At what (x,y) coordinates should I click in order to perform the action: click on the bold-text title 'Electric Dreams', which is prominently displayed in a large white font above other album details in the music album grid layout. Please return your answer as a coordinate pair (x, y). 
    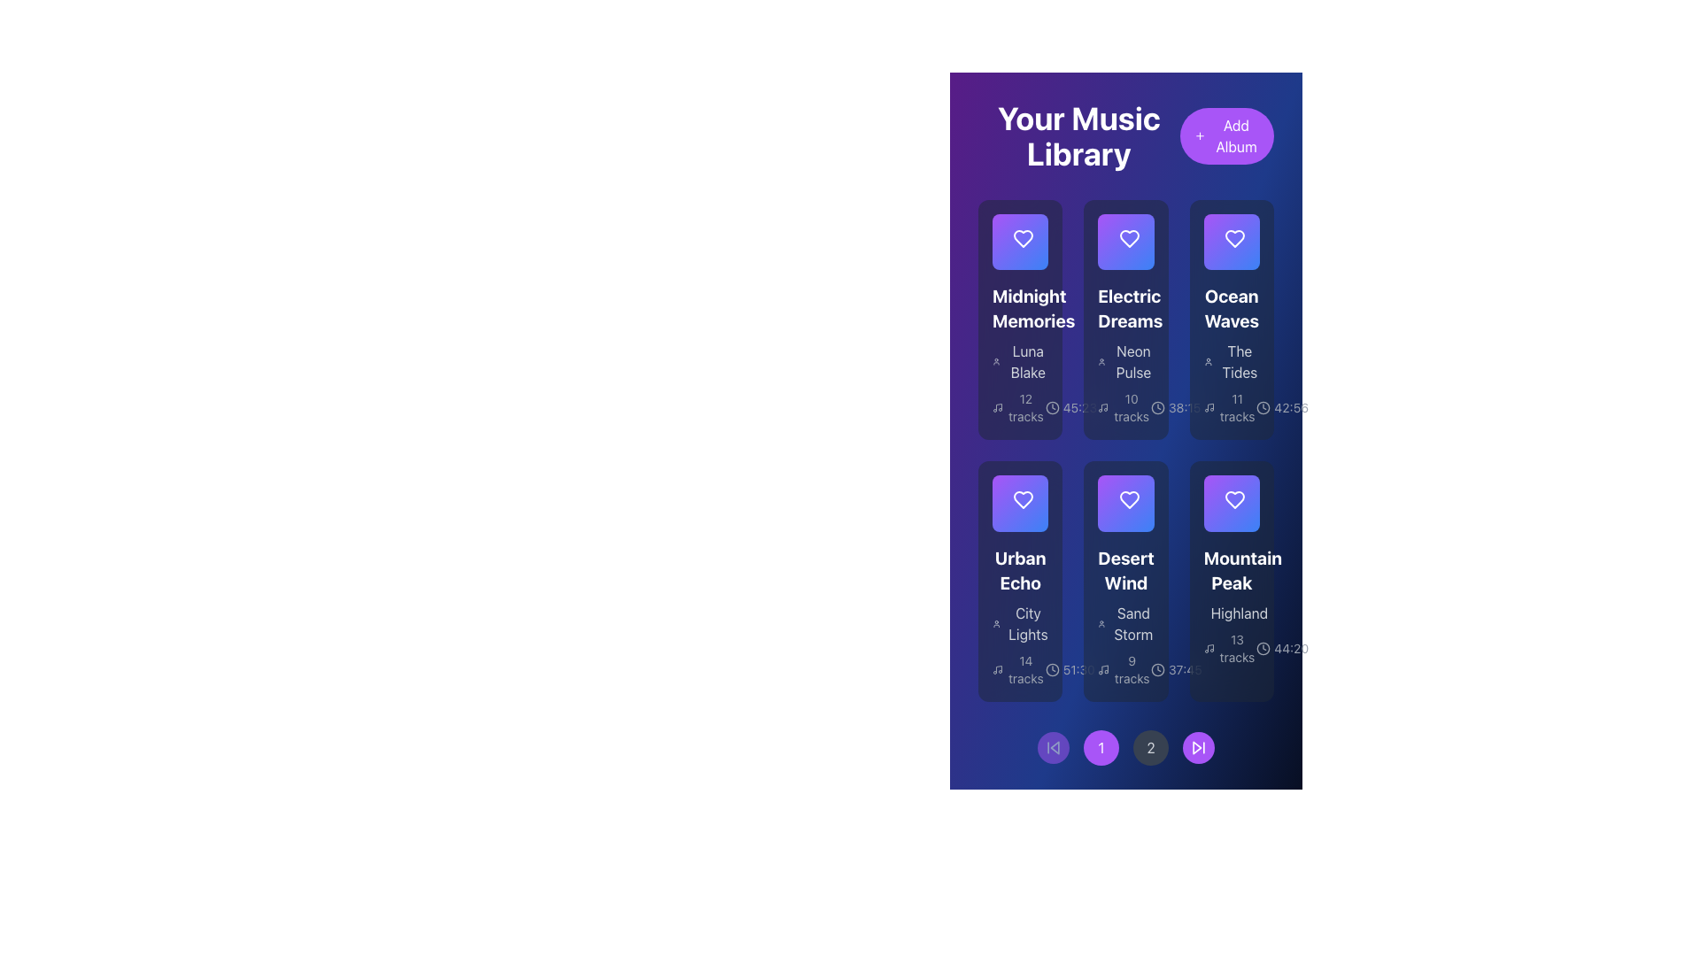
    Looking at the image, I should click on (1125, 308).